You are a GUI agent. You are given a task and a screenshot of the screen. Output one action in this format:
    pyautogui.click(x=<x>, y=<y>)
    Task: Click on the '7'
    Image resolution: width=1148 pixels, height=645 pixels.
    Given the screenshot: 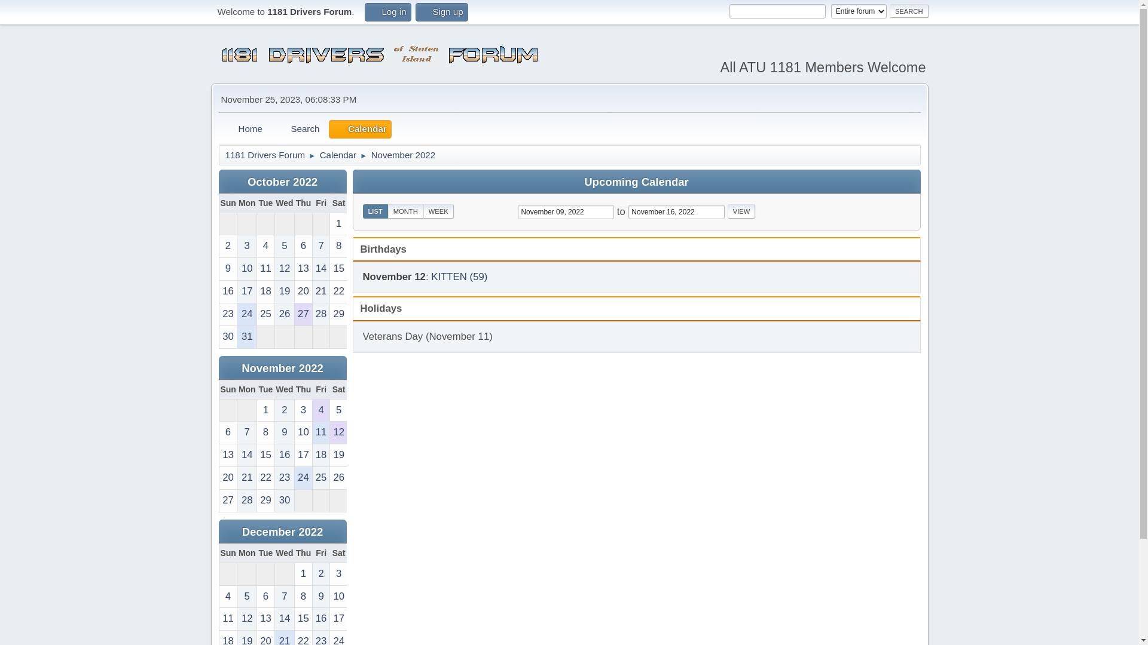 What is the action you would take?
    pyautogui.click(x=283, y=597)
    